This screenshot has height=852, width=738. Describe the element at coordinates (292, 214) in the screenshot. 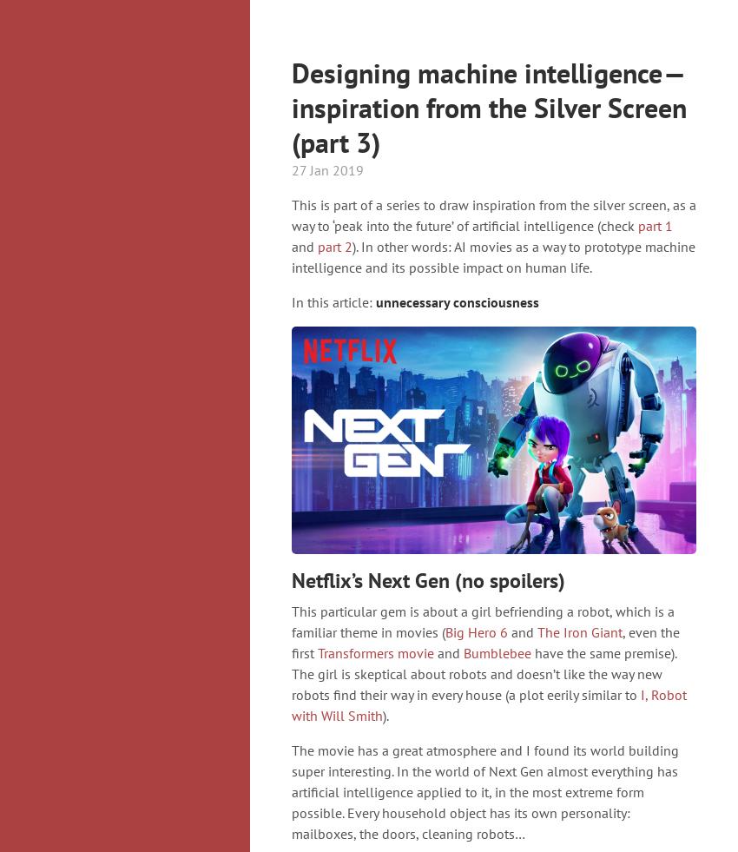

I see `'This is part of a series to draw inspiration from the silver screen, as a way to ‘peak into the future’ of artificial intelligence (check'` at that location.